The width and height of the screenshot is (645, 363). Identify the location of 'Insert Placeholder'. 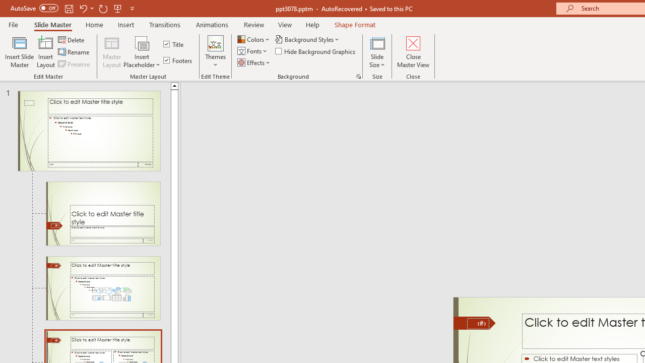
(142, 52).